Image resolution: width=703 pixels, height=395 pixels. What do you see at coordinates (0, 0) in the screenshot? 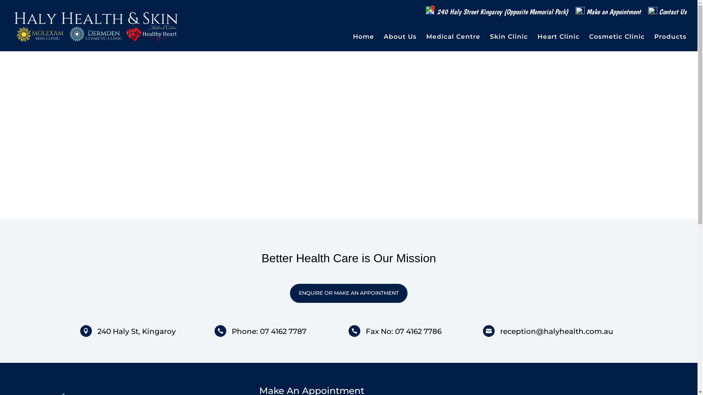
I see `'Skip to content'` at bounding box center [0, 0].